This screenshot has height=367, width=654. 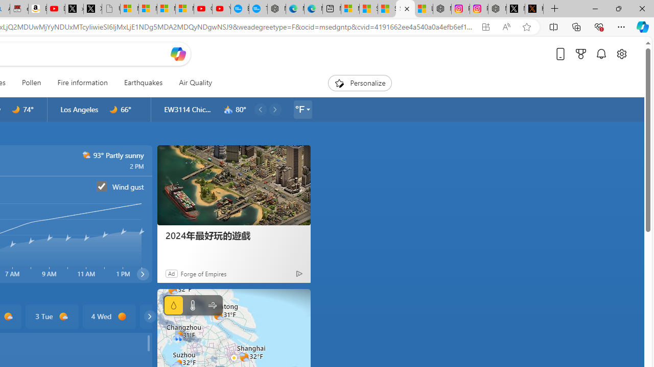 What do you see at coordinates (55, 9) in the screenshot?
I see `'Day 1: Arriving in Yemen (surreal to be here) - YouTube'` at bounding box center [55, 9].